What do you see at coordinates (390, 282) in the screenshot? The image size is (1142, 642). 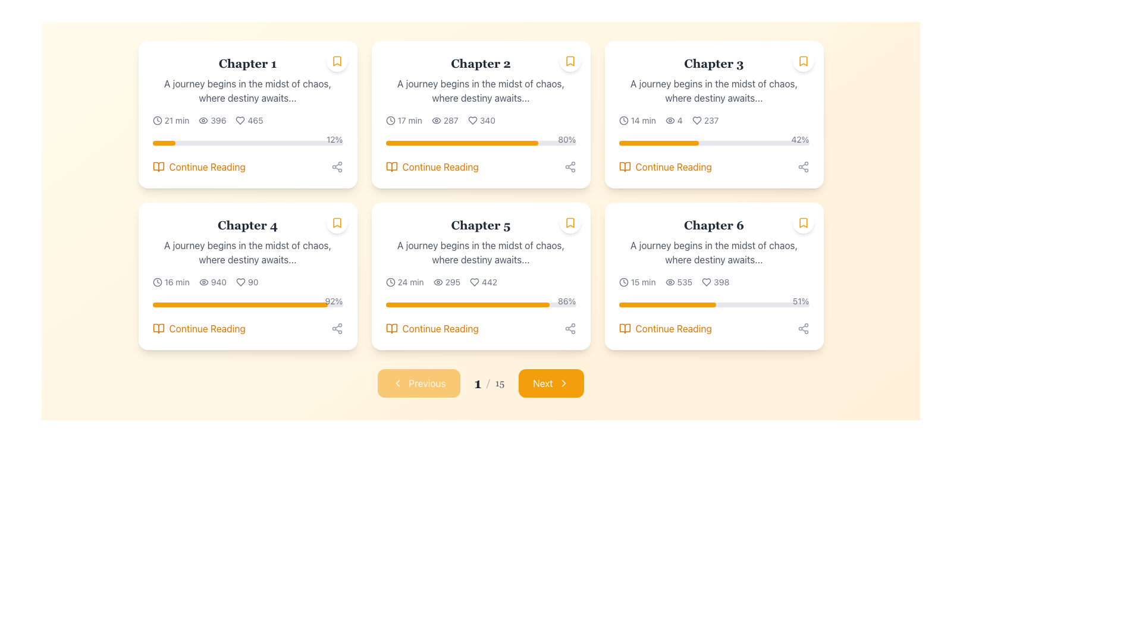 I see `the icon indicating the duration for 'Chapter 5', located to the left of the '24 min' text` at bounding box center [390, 282].